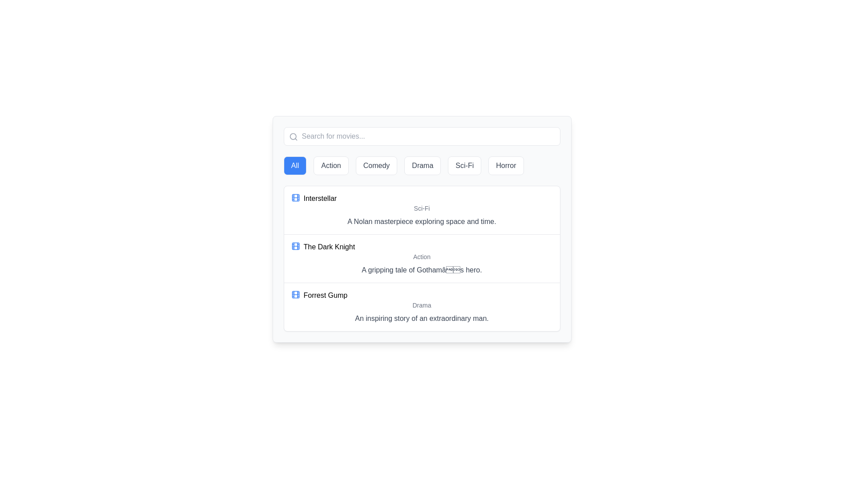 The width and height of the screenshot is (854, 480). I want to click on text label that displays 'Forrest Gump', located in the third section of the movie list, beneath 'The Dark Knight', to the right of a film reel icon, so click(325, 295).